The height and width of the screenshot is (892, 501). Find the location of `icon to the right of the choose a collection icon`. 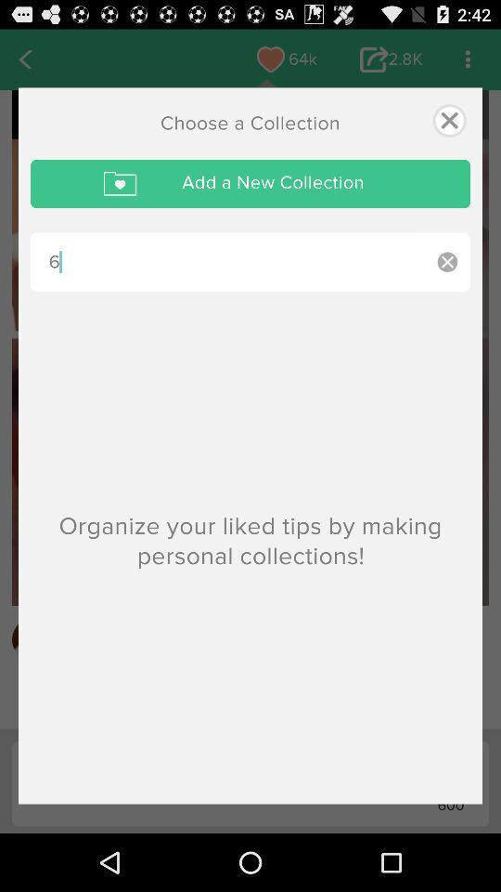

icon to the right of the choose a collection icon is located at coordinates (448, 119).